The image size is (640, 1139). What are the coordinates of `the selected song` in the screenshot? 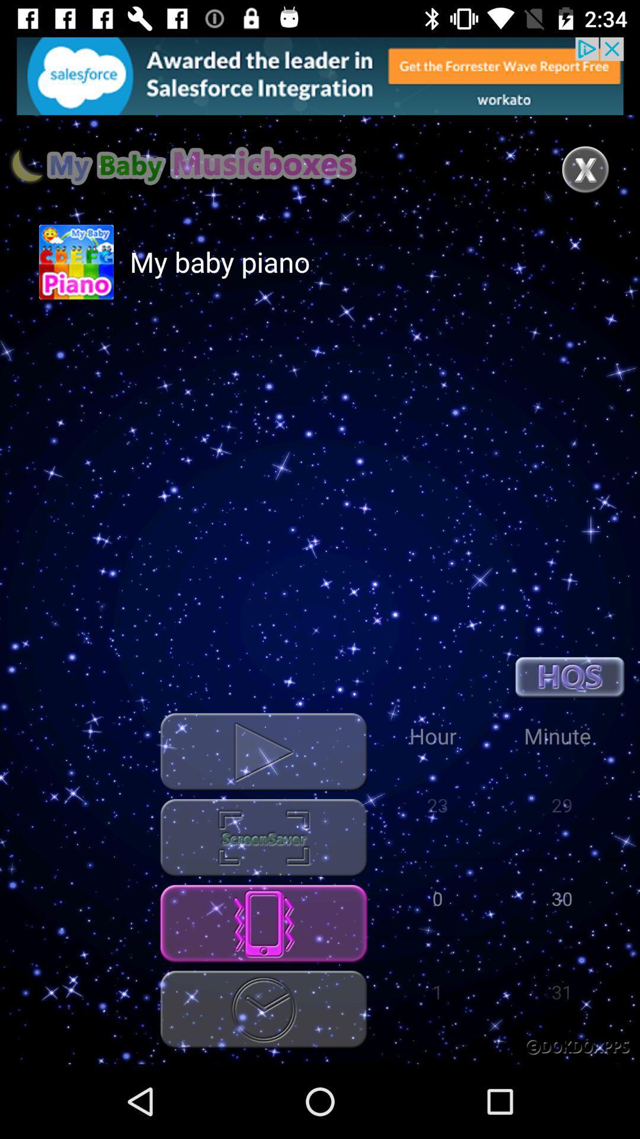 It's located at (263, 751).